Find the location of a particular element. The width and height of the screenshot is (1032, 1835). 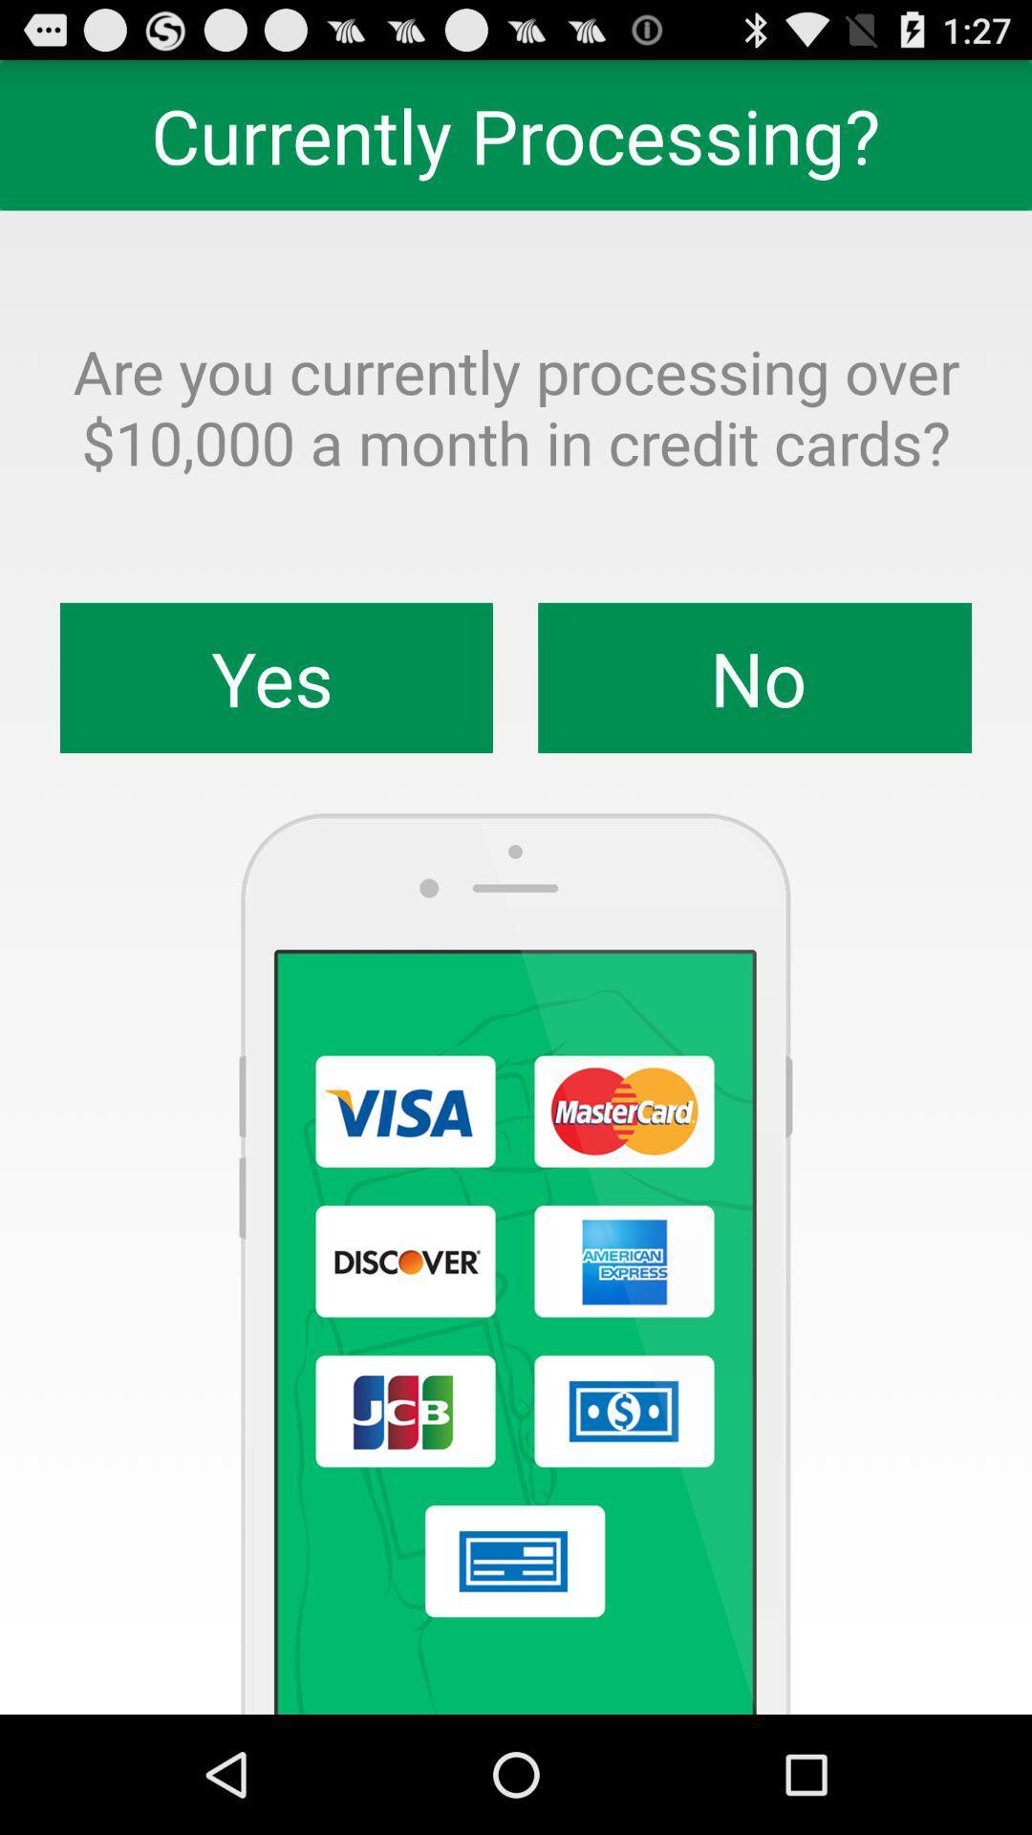

the item on the left is located at coordinates (276, 678).